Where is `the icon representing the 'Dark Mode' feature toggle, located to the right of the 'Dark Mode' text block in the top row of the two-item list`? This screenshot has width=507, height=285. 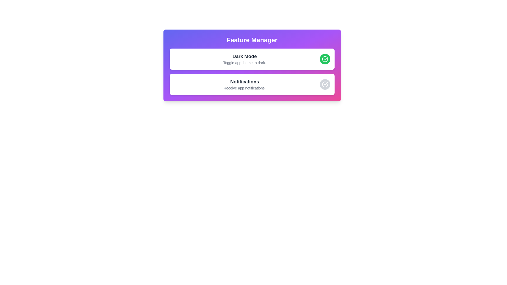 the icon representing the 'Dark Mode' feature toggle, located to the right of the 'Dark Mode' text block in the top row of the two-item list is located at coordinates (325, 59).